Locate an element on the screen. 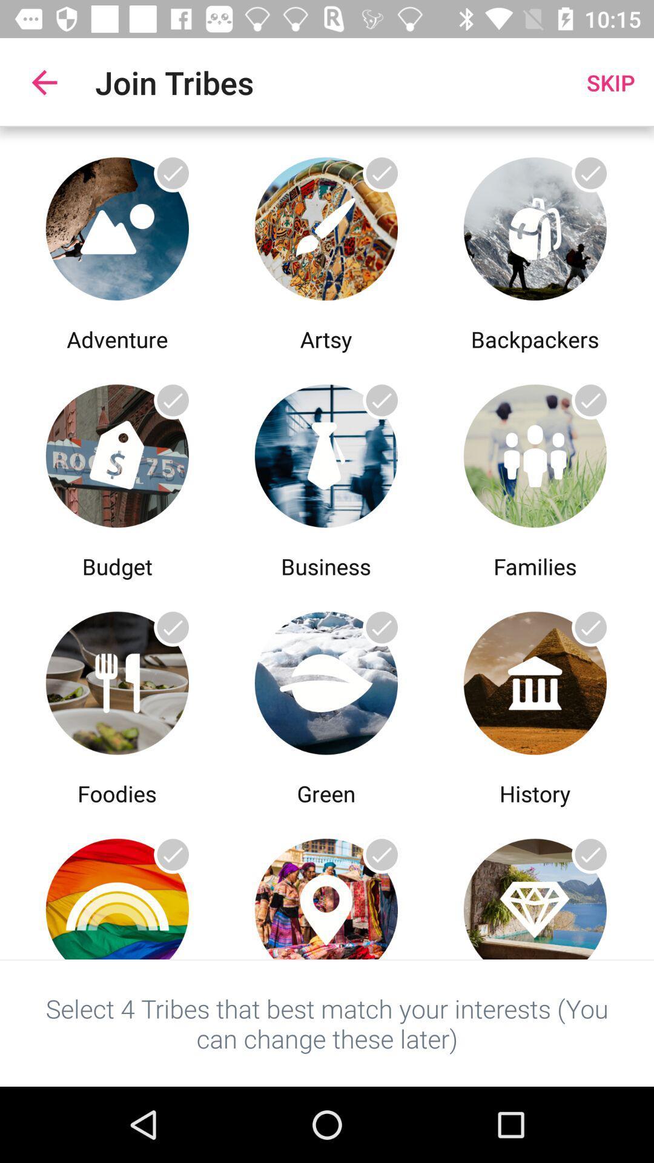  the foodies option is located at coordinates (117, 680).